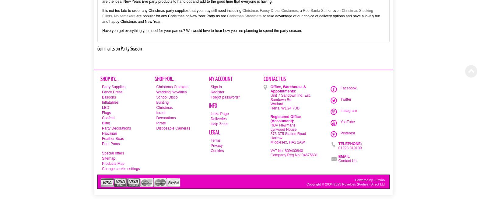 The width and height of the screenshot is (487, 201). Describe the element at coordinates (135, 16) in the screenshot. I see `'are popular for any Christmas or New Year Party as are'` at that location.